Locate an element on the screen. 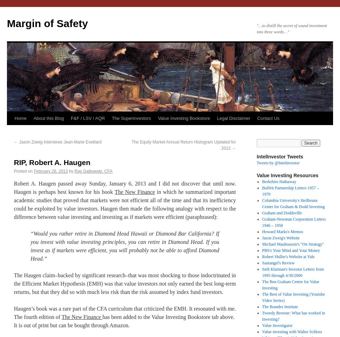  'Graham and Doddsville' is located at coordinates (282, 213).